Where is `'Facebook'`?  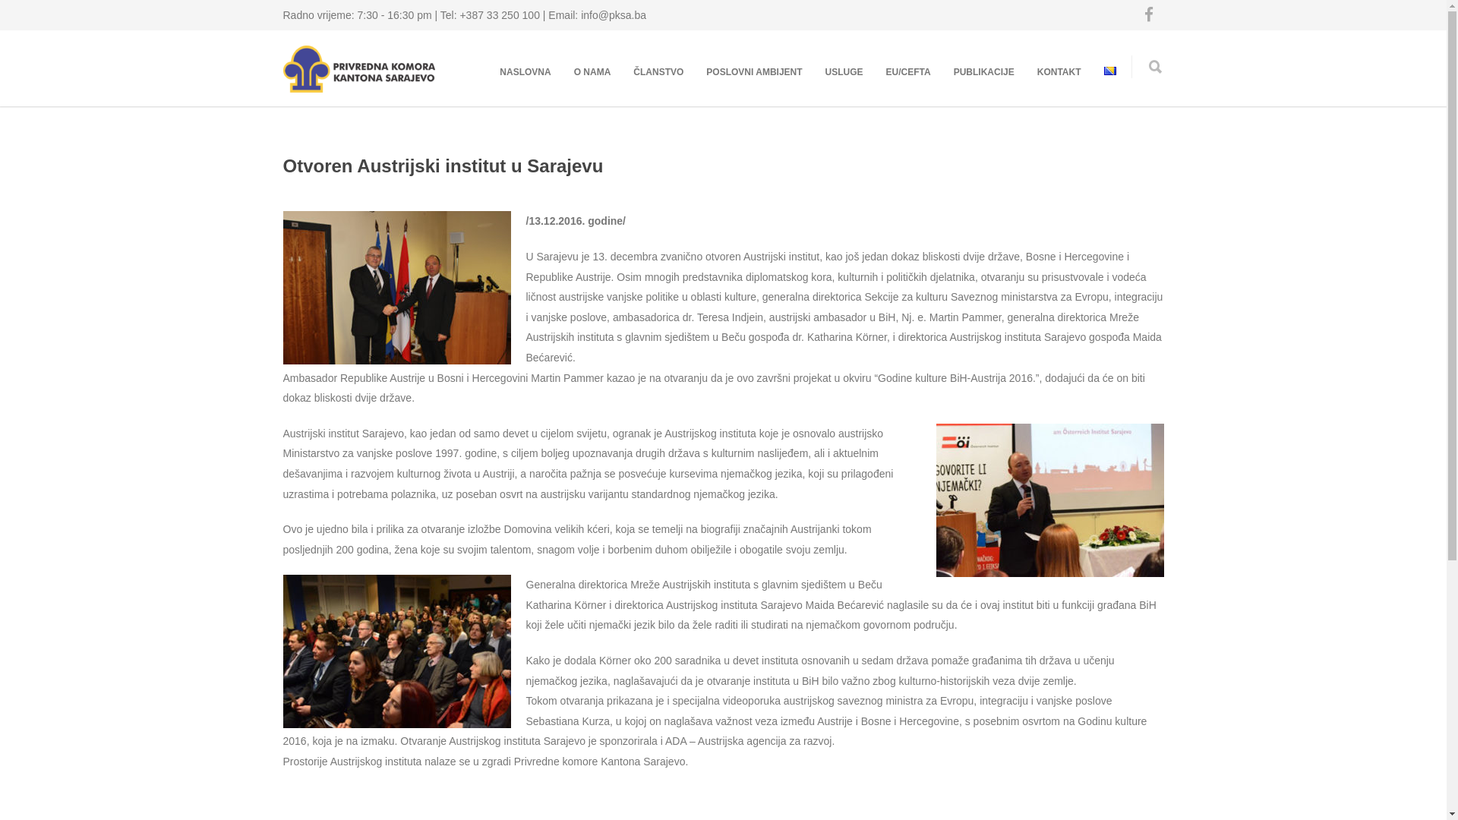
'Facebook' is located at coordinates (1133, 14).